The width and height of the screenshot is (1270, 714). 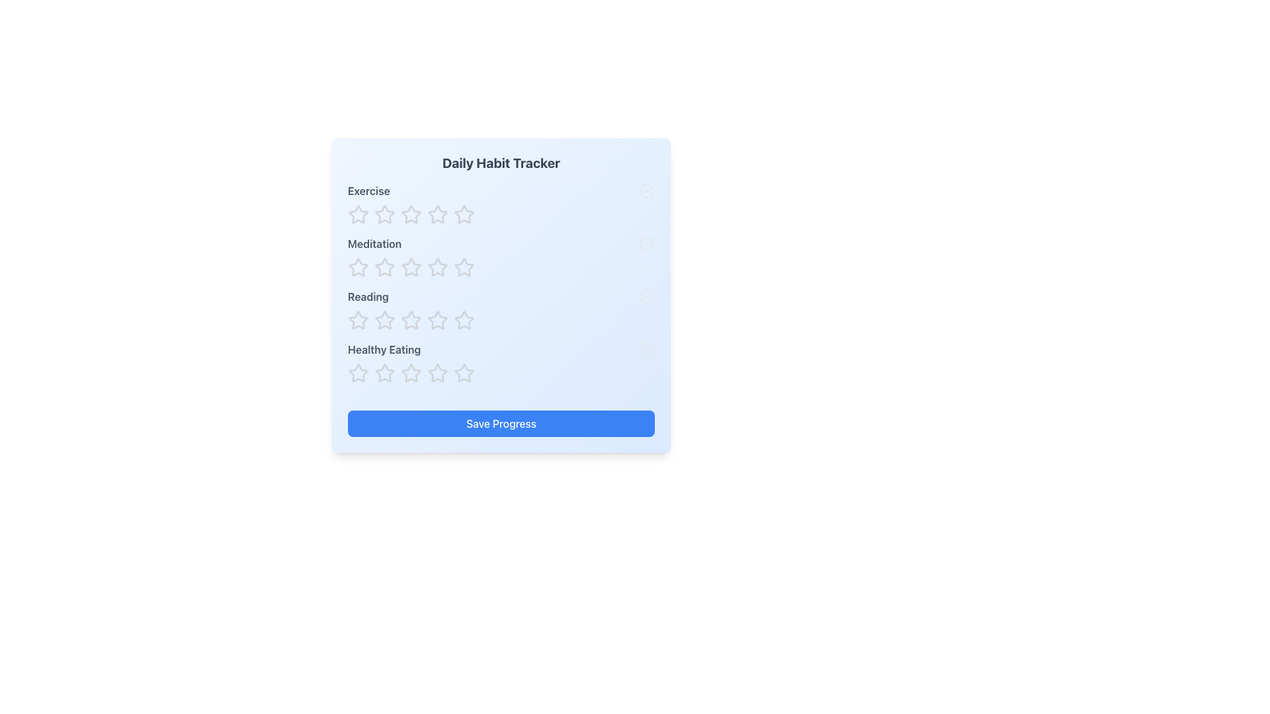 What do you see at coordinates (438, 268) in the screenshot?
I see `the fourth star-shaped icon in the Daily Habit Tracker interface labeled 'Meditation'` at bounding box center [438, 268].